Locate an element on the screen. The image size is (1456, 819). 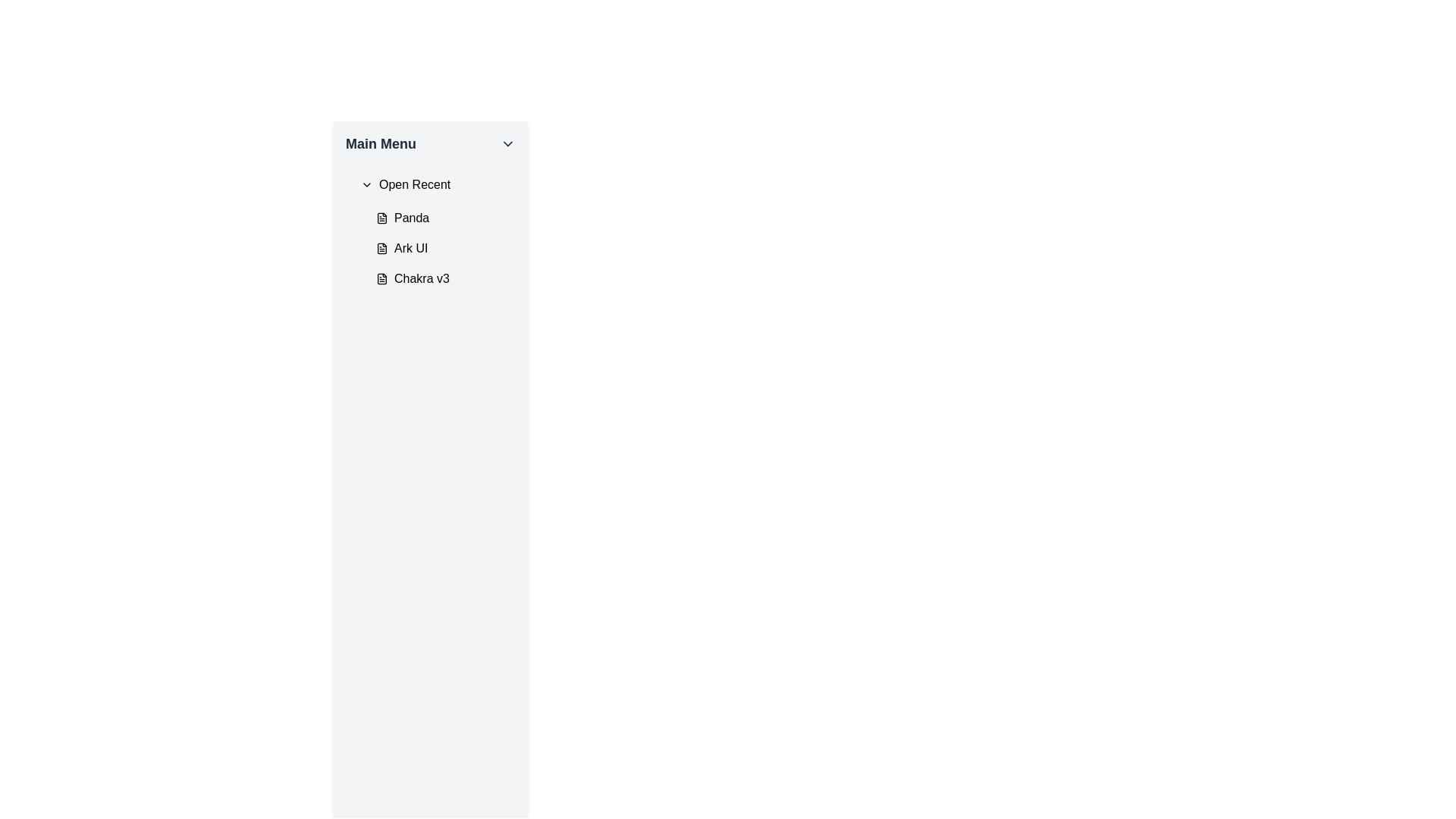
the 'Ark UI' text label, which is the second item under the 'Open Recent' section in the left panel is located at coordinates (411, 247).